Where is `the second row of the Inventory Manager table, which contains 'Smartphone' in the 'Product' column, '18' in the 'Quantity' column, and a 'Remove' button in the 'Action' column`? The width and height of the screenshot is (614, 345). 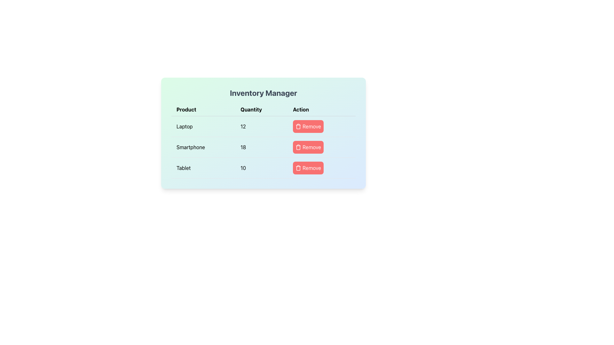 the second row of the Inventory Manager table, which contains 'Smartphone' in the 'Product' column, '18' in the 'Quantity' column, and a 'Remove' button in the 'Action' column is located at coordinates (264, 140).